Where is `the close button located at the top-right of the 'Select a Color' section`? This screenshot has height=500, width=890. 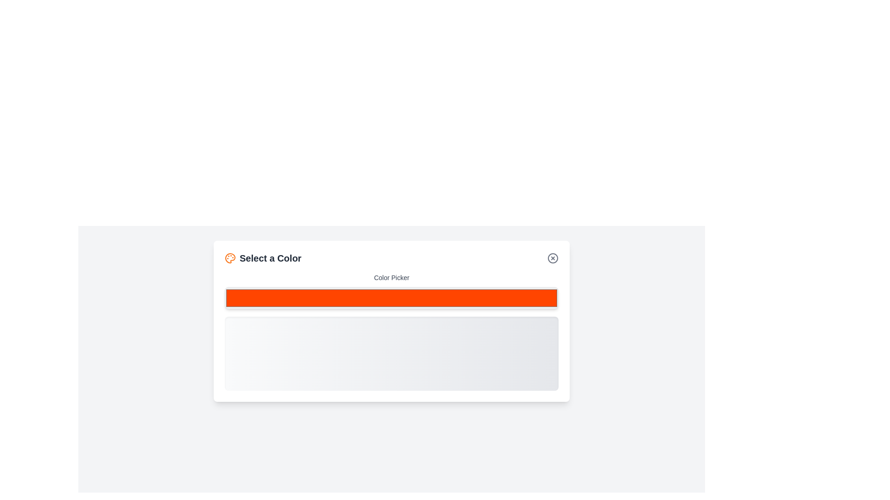
the close button located at the top-right of the 'Select a Color' section is located at coordinates (553, 258).